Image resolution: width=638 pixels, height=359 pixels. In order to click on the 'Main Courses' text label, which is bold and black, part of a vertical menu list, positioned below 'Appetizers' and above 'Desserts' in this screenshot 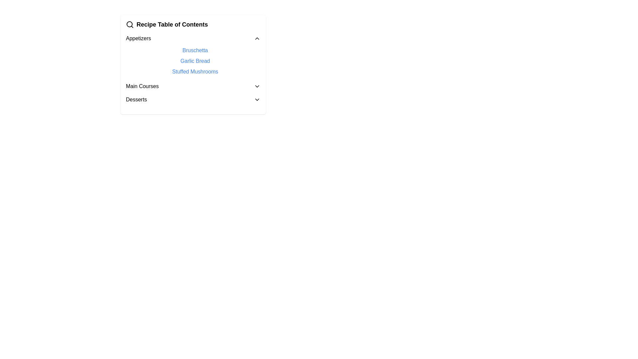, I will do `click(142, 86)`.